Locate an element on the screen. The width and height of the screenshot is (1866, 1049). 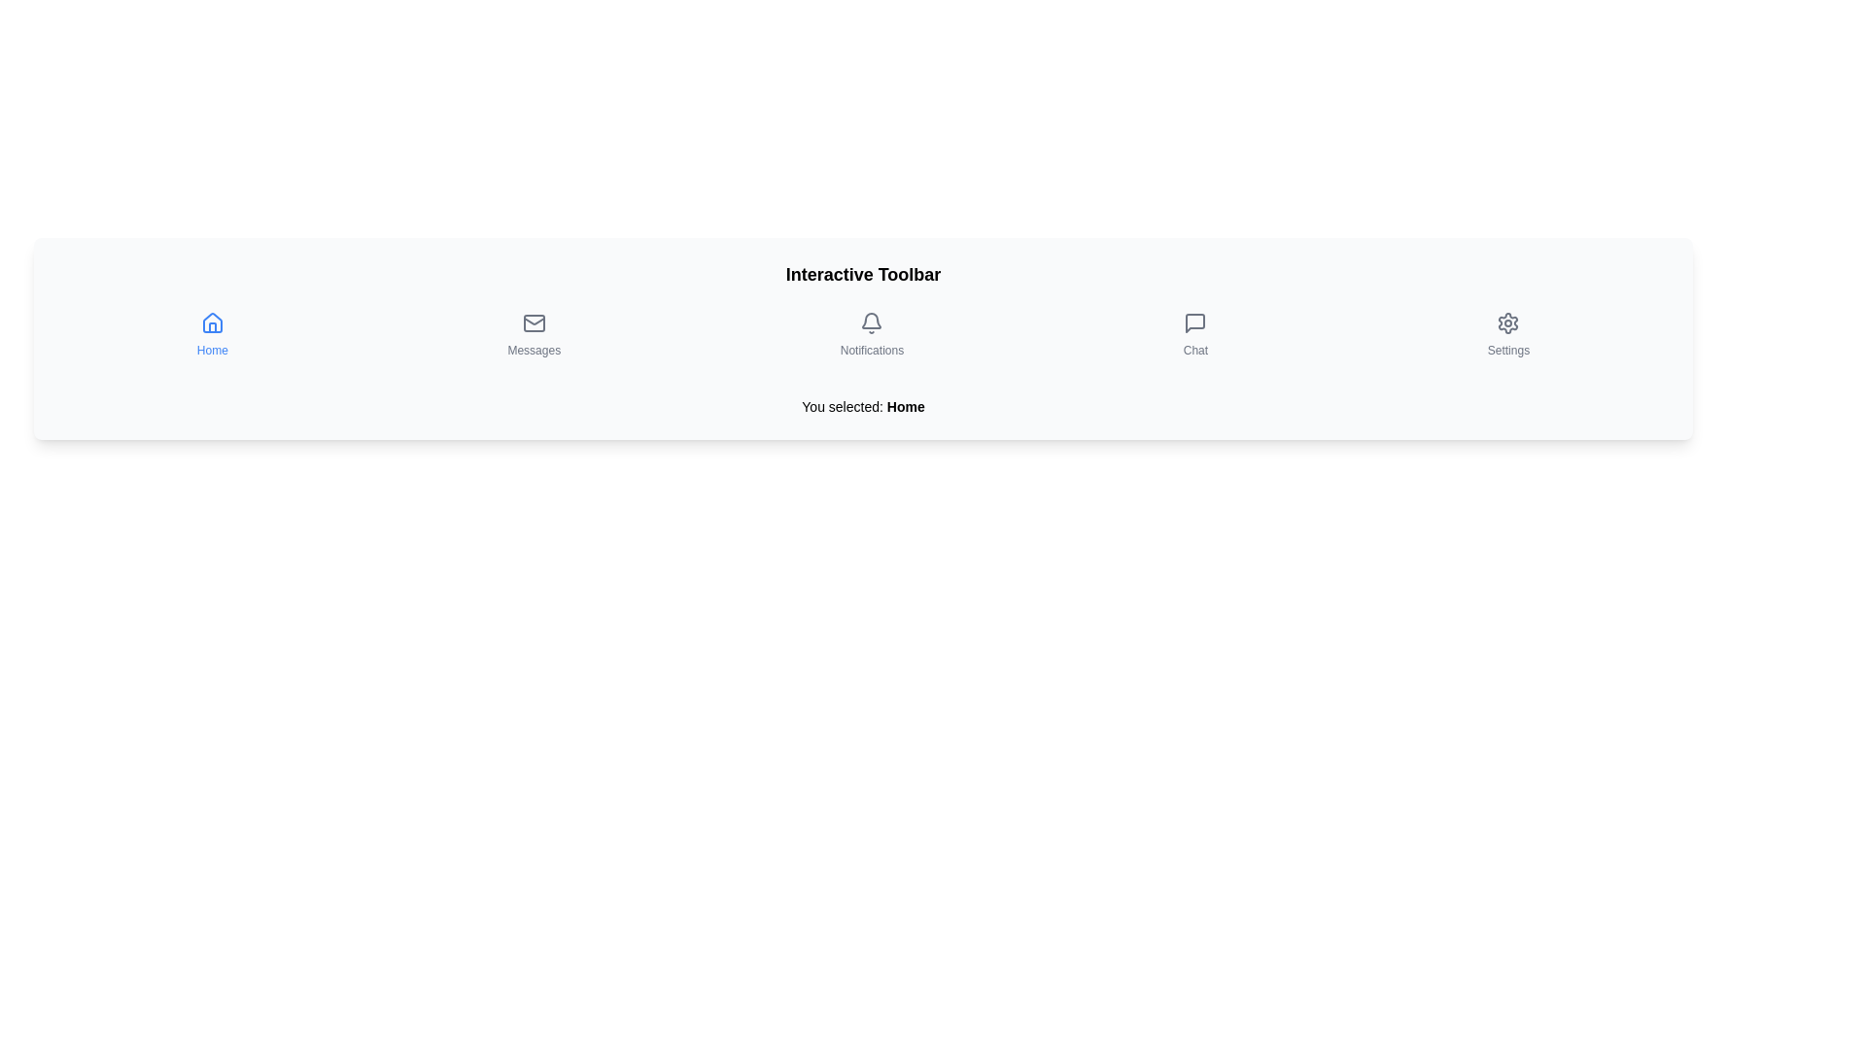
the bell icon located in the Notifications button is located at coordinates (871, 321).